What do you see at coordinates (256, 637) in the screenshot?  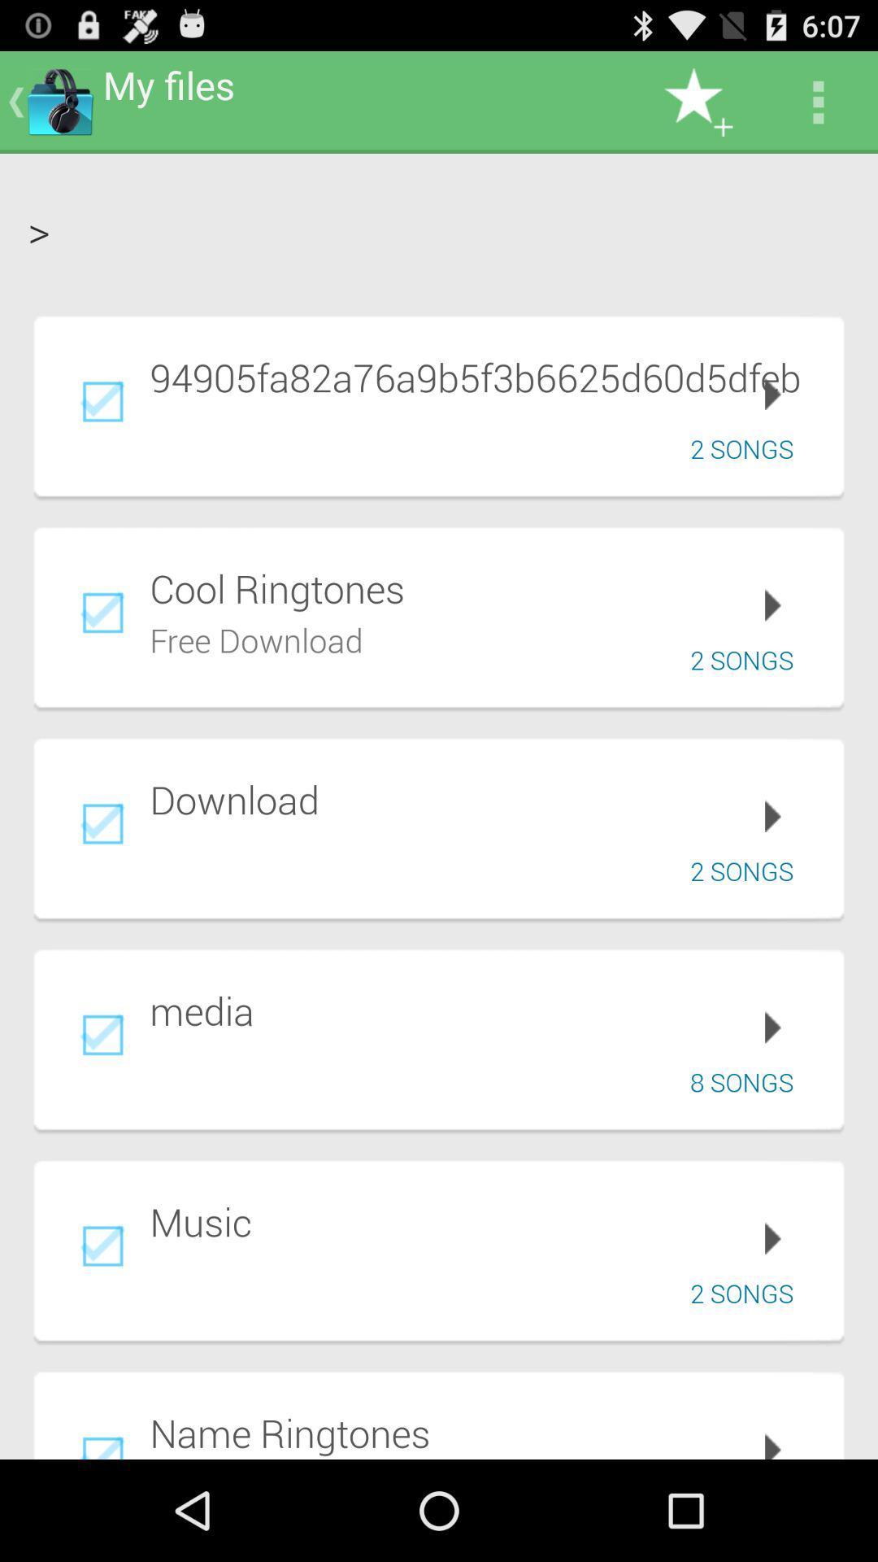 I see `free download item` at bounding box center [256, 637].